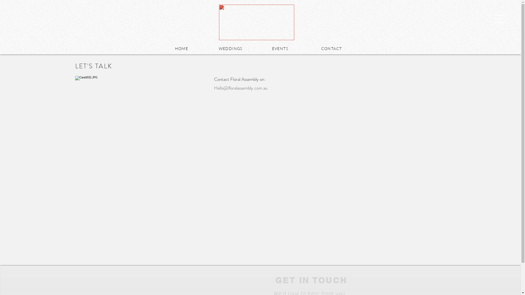 The height and width of the screenshot is (295, 525). I want to click on 'Hello@floralassembly.com.au', so click(240, 87).